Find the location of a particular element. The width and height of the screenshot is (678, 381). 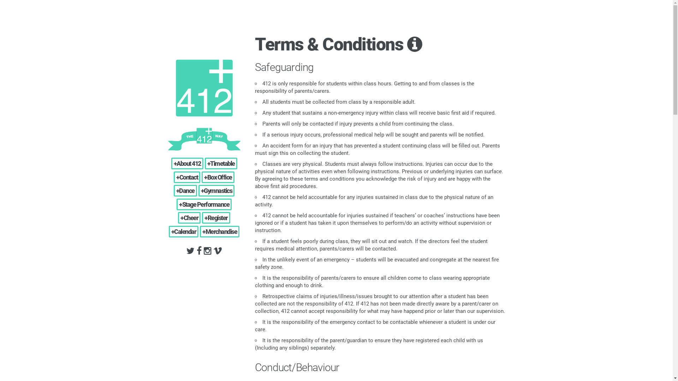

'+Register' is located at coordinates (215, 217).